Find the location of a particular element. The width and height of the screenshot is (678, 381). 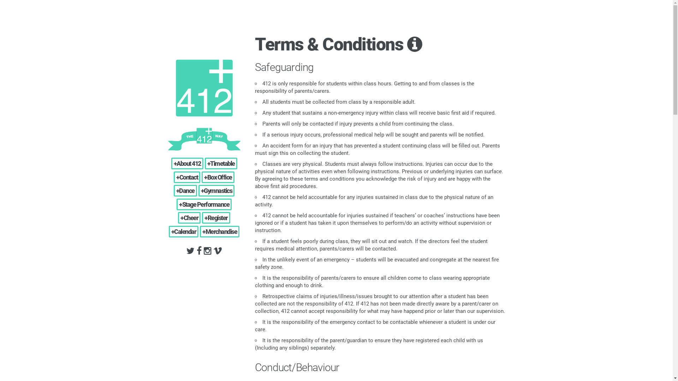

'+Register' is located at coordinates (215, 217).